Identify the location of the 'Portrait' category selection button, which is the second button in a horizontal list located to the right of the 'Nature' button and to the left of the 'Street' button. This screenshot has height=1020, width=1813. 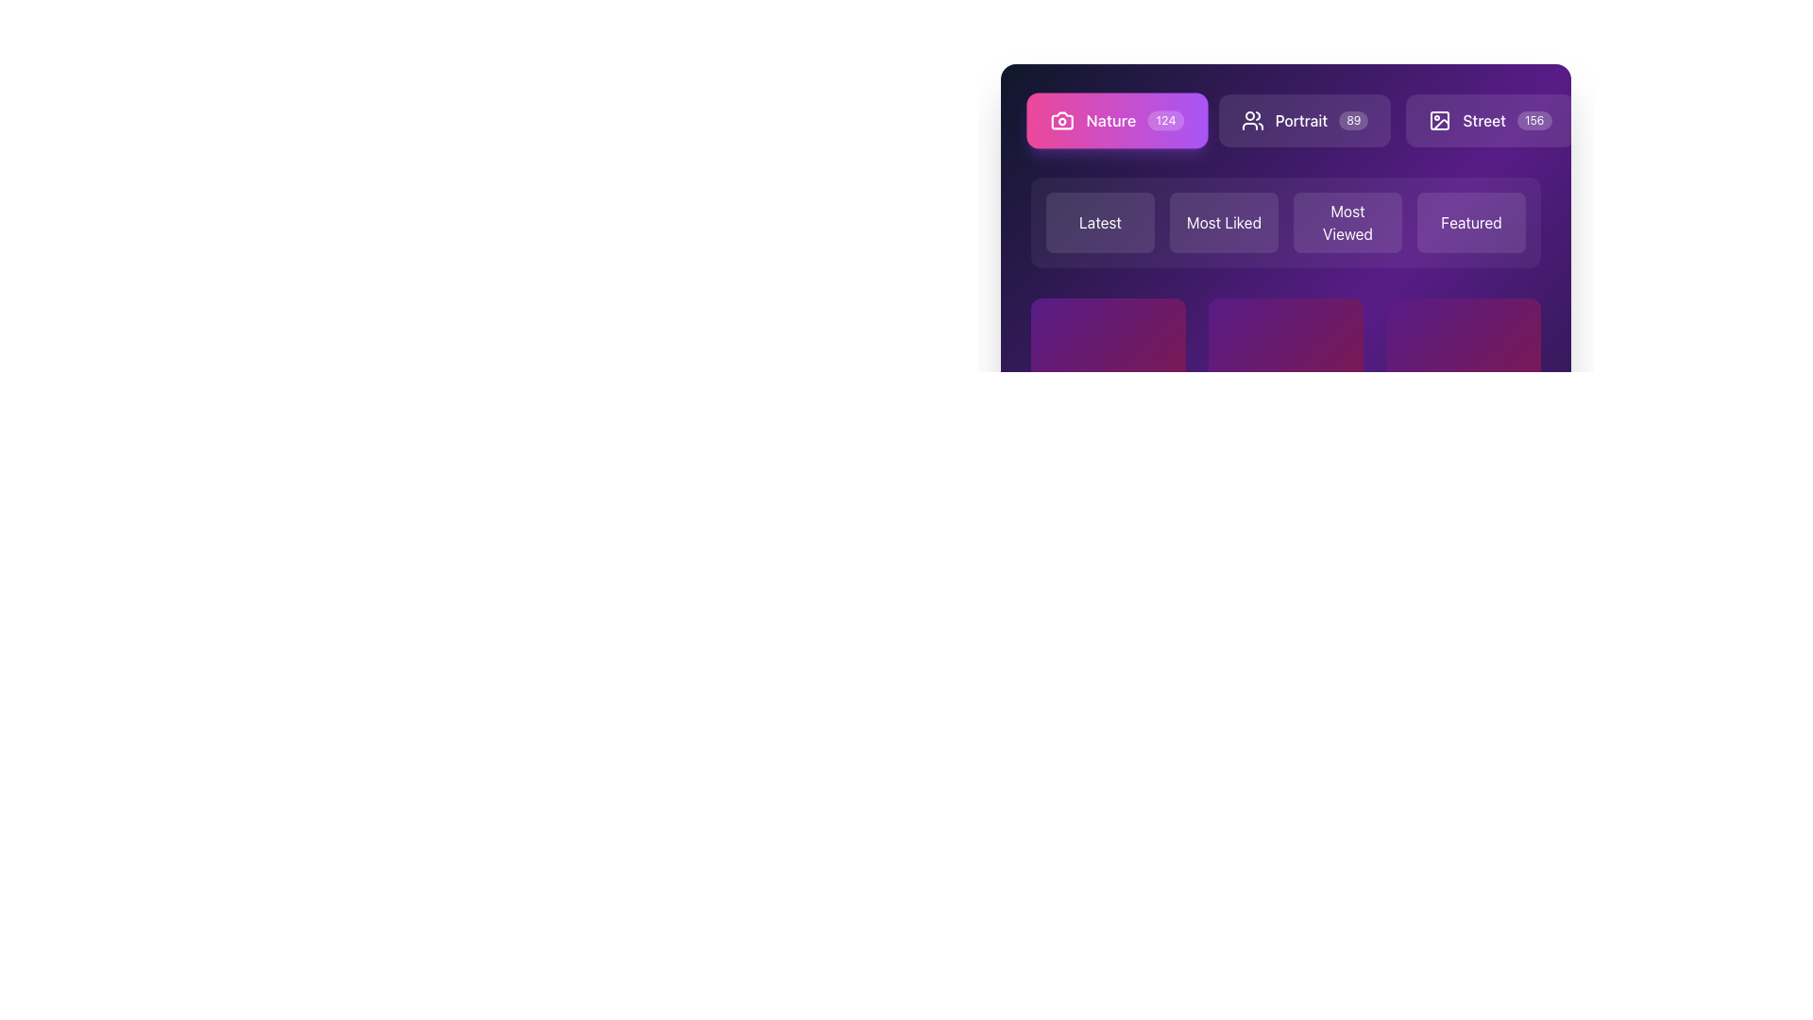
(1285, 120).